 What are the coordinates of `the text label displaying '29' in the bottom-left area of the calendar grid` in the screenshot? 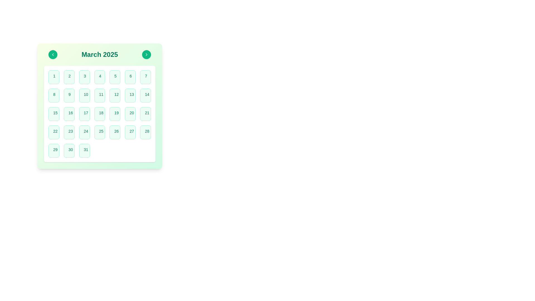 It's located at (55, 149).